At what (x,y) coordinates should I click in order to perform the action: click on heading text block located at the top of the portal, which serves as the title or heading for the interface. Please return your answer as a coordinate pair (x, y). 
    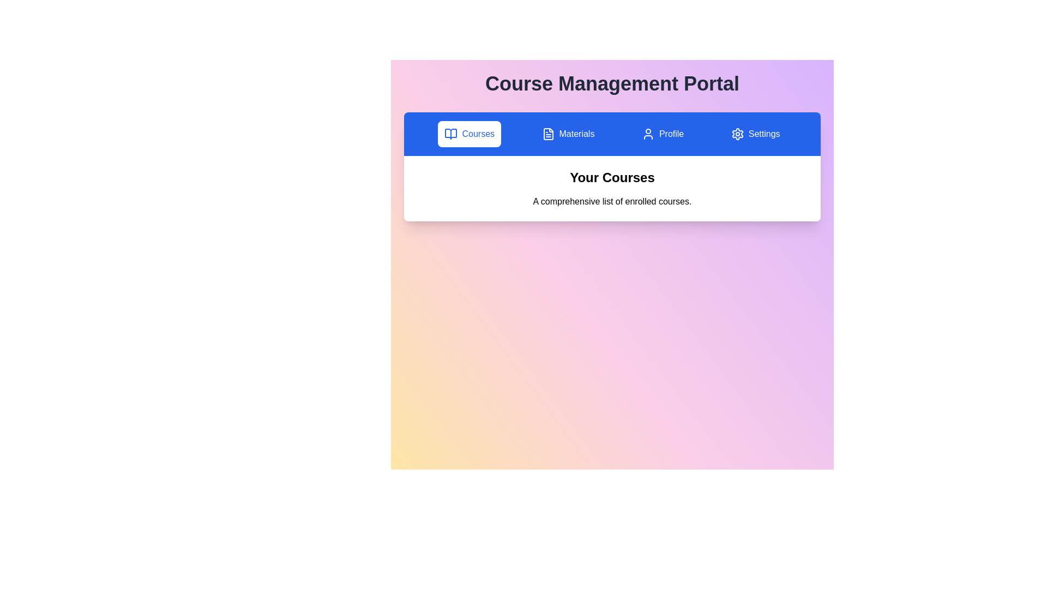
    Looking at the image, I should click on (612, 83).